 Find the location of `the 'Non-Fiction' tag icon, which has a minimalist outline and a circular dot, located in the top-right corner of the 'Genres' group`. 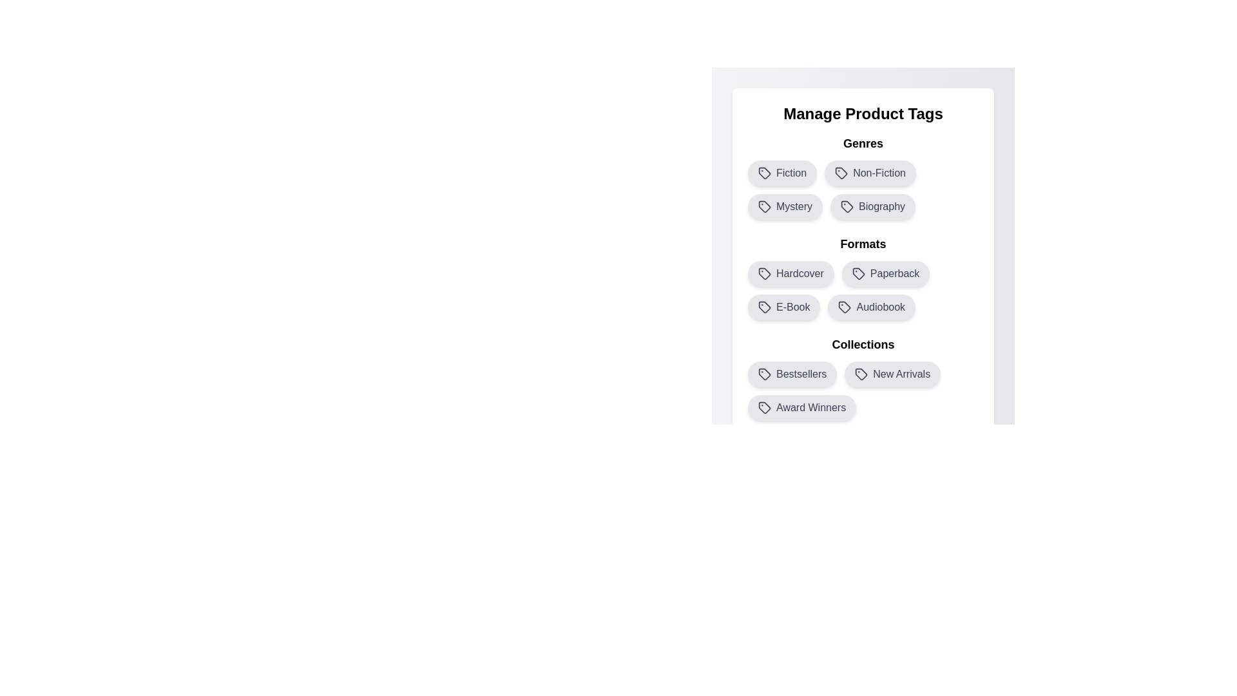

the 'Non-Fiction' tag icon, which has a minimalist outline and a circular dot, located in the top-right corner of the 'Genres' group is located at coordinates (841, 171).